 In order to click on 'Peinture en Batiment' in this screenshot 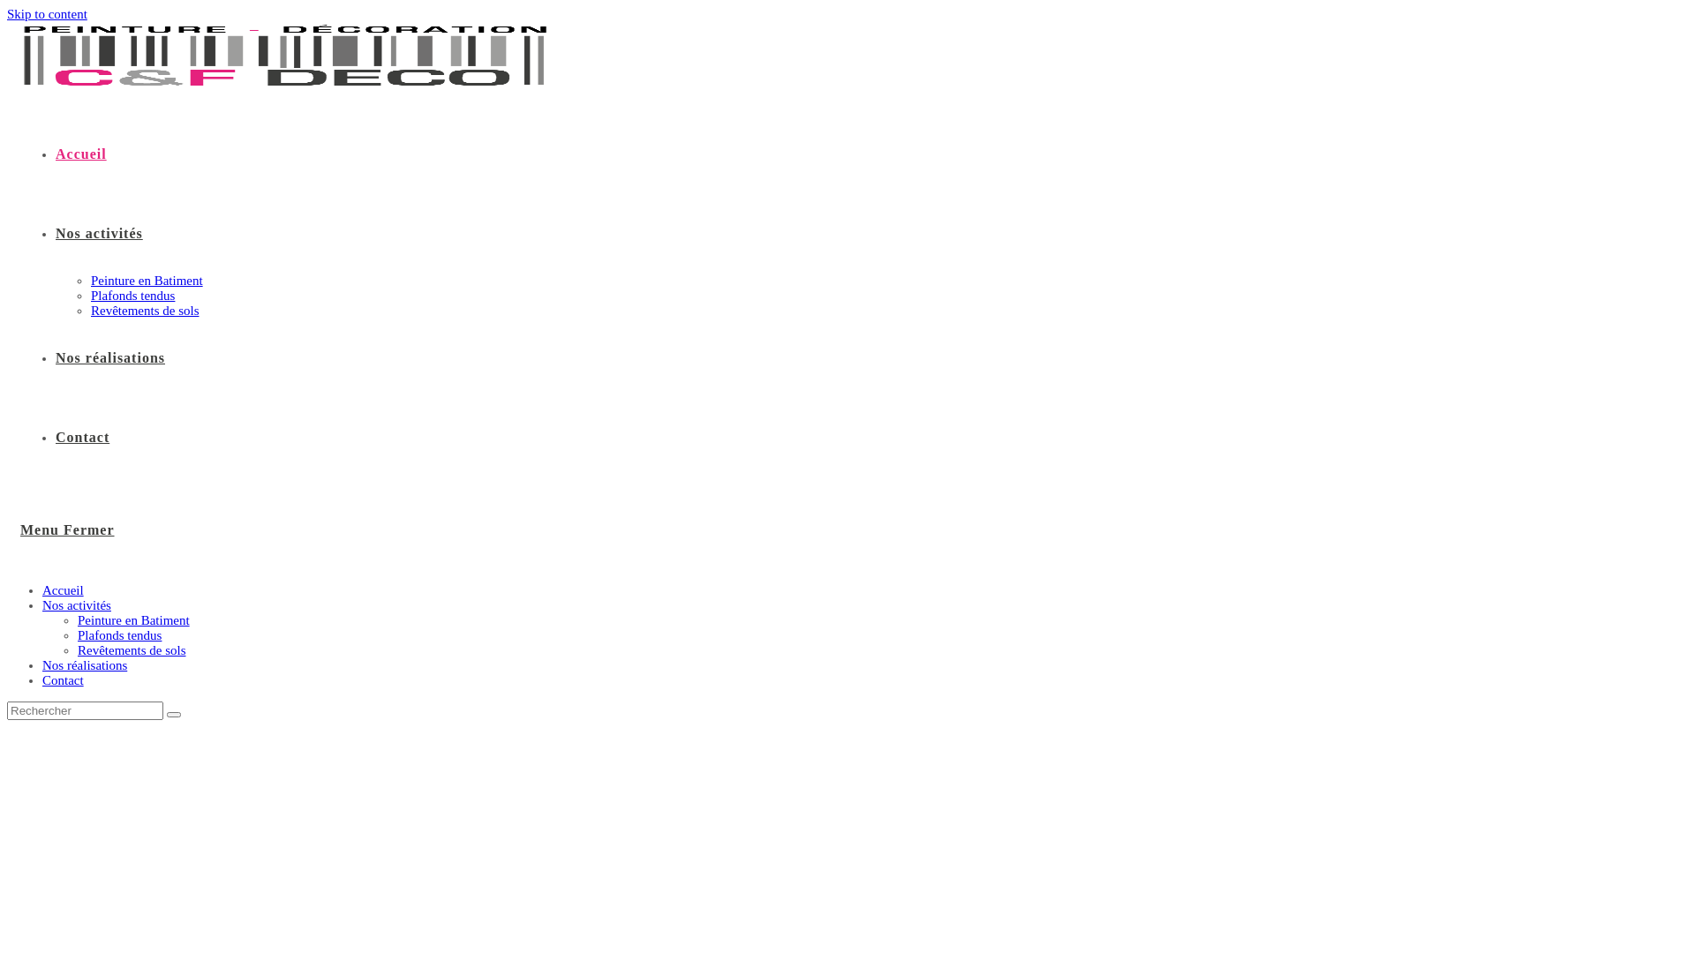, I will do `click(147, 279)`.